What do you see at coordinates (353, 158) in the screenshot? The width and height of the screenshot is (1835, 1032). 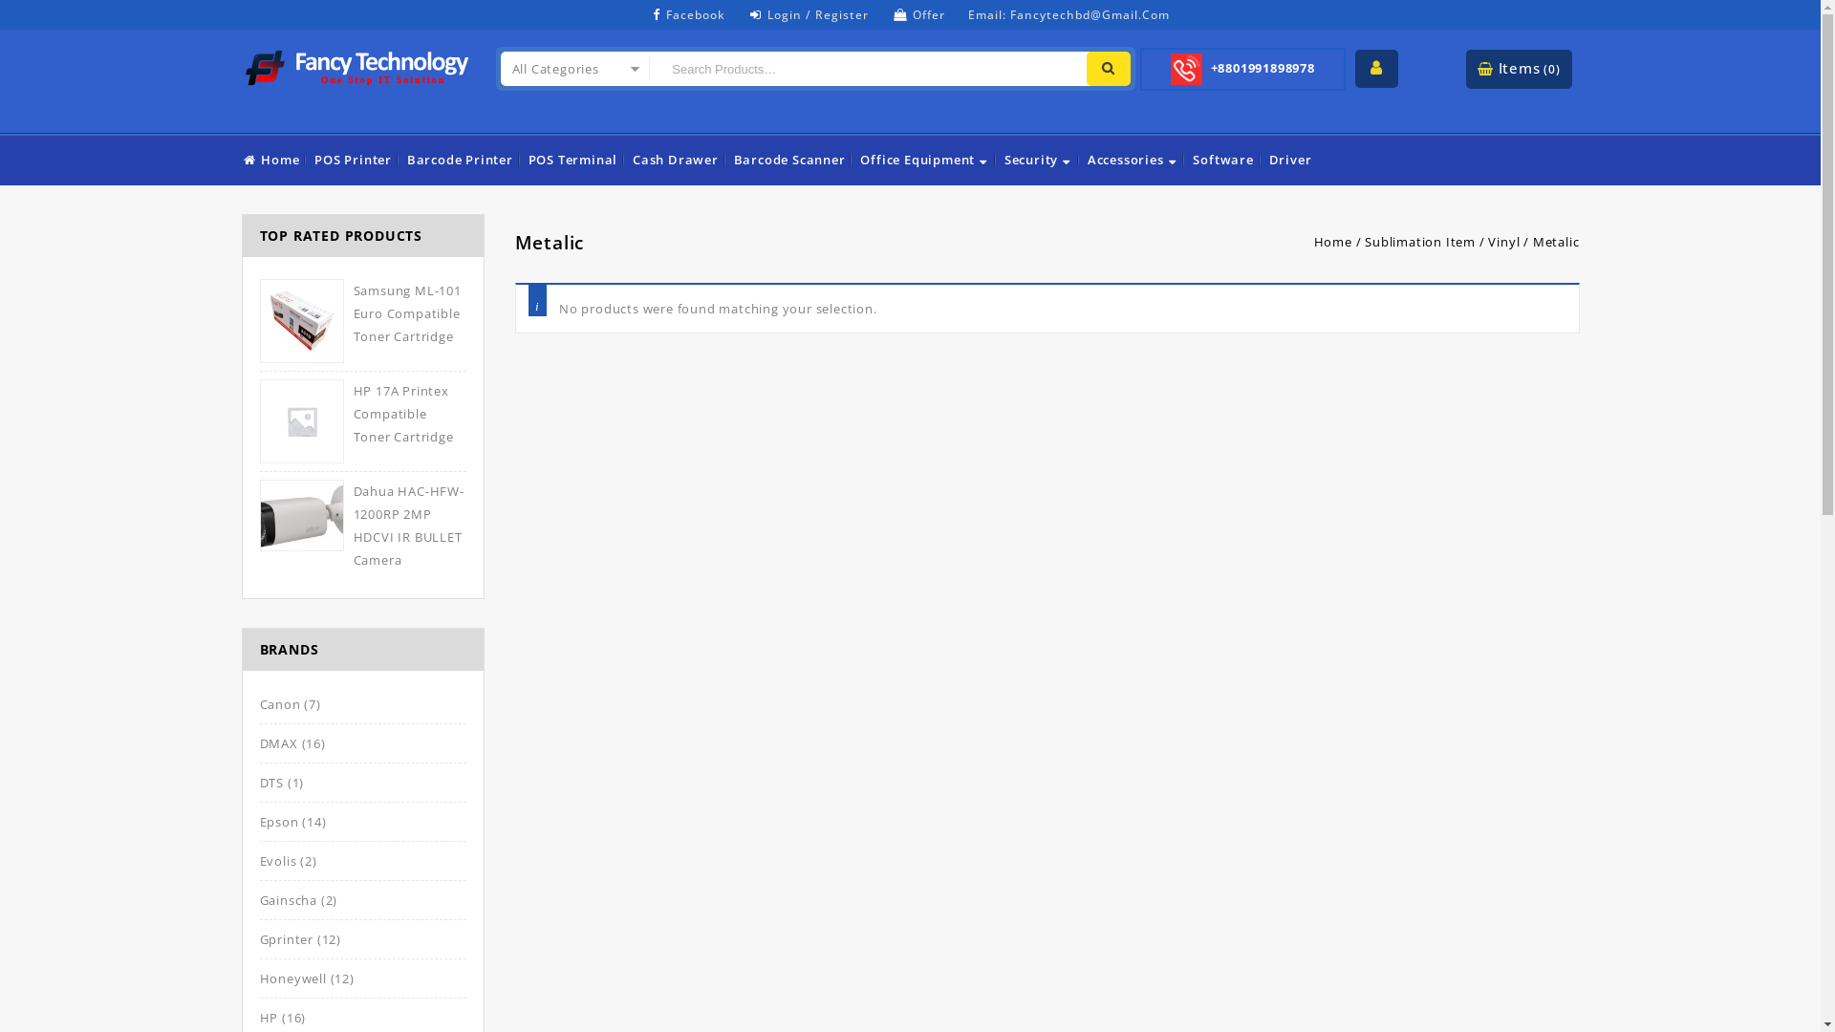 I see `'POS Printer'` at bounding box center [353, 158].